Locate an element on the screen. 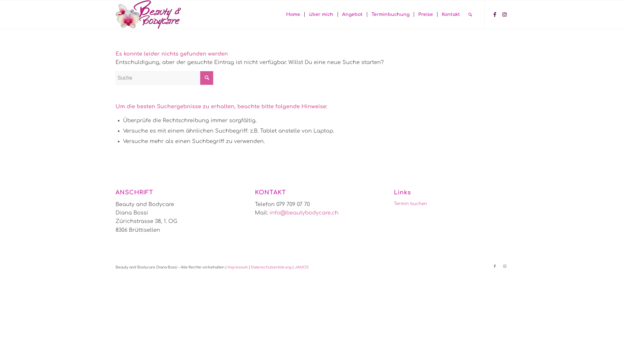 This screenshot has height=351, width=625. 'JAMOS' is located at coordinates (301, 267).